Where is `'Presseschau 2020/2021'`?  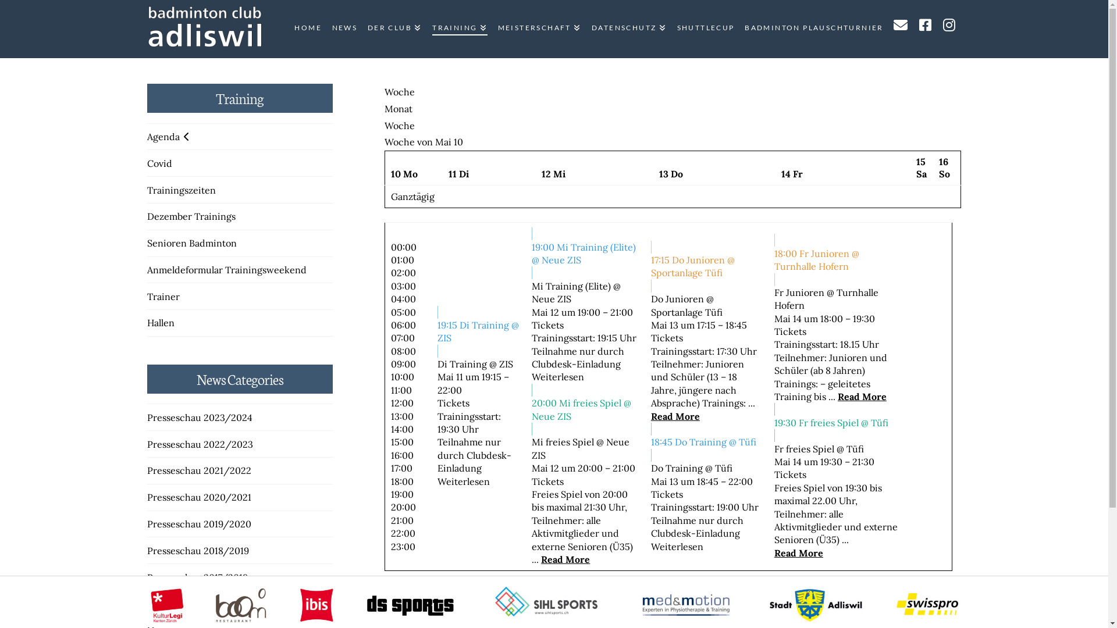
'Presseschau 2020/2021' is located at coordinates (198, 497).